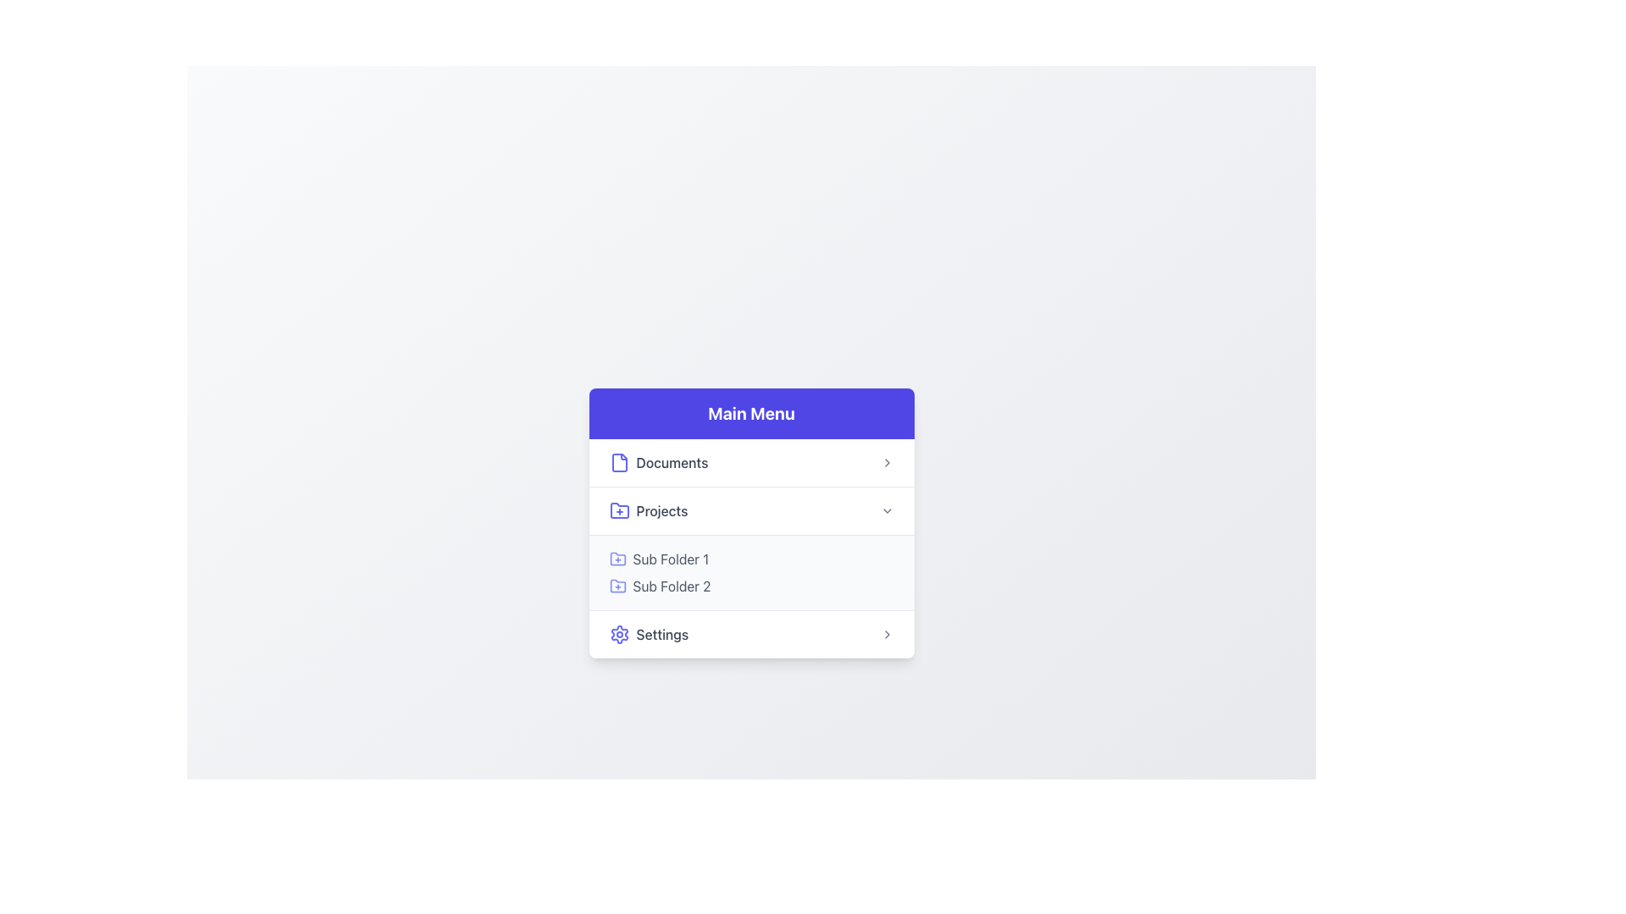 The image size is (1626, 914). I want to click on the lower part of the blue outlined folder icon next to the 'Sub Folder 2' label in the 'Projects' menu, so click(617, 585).